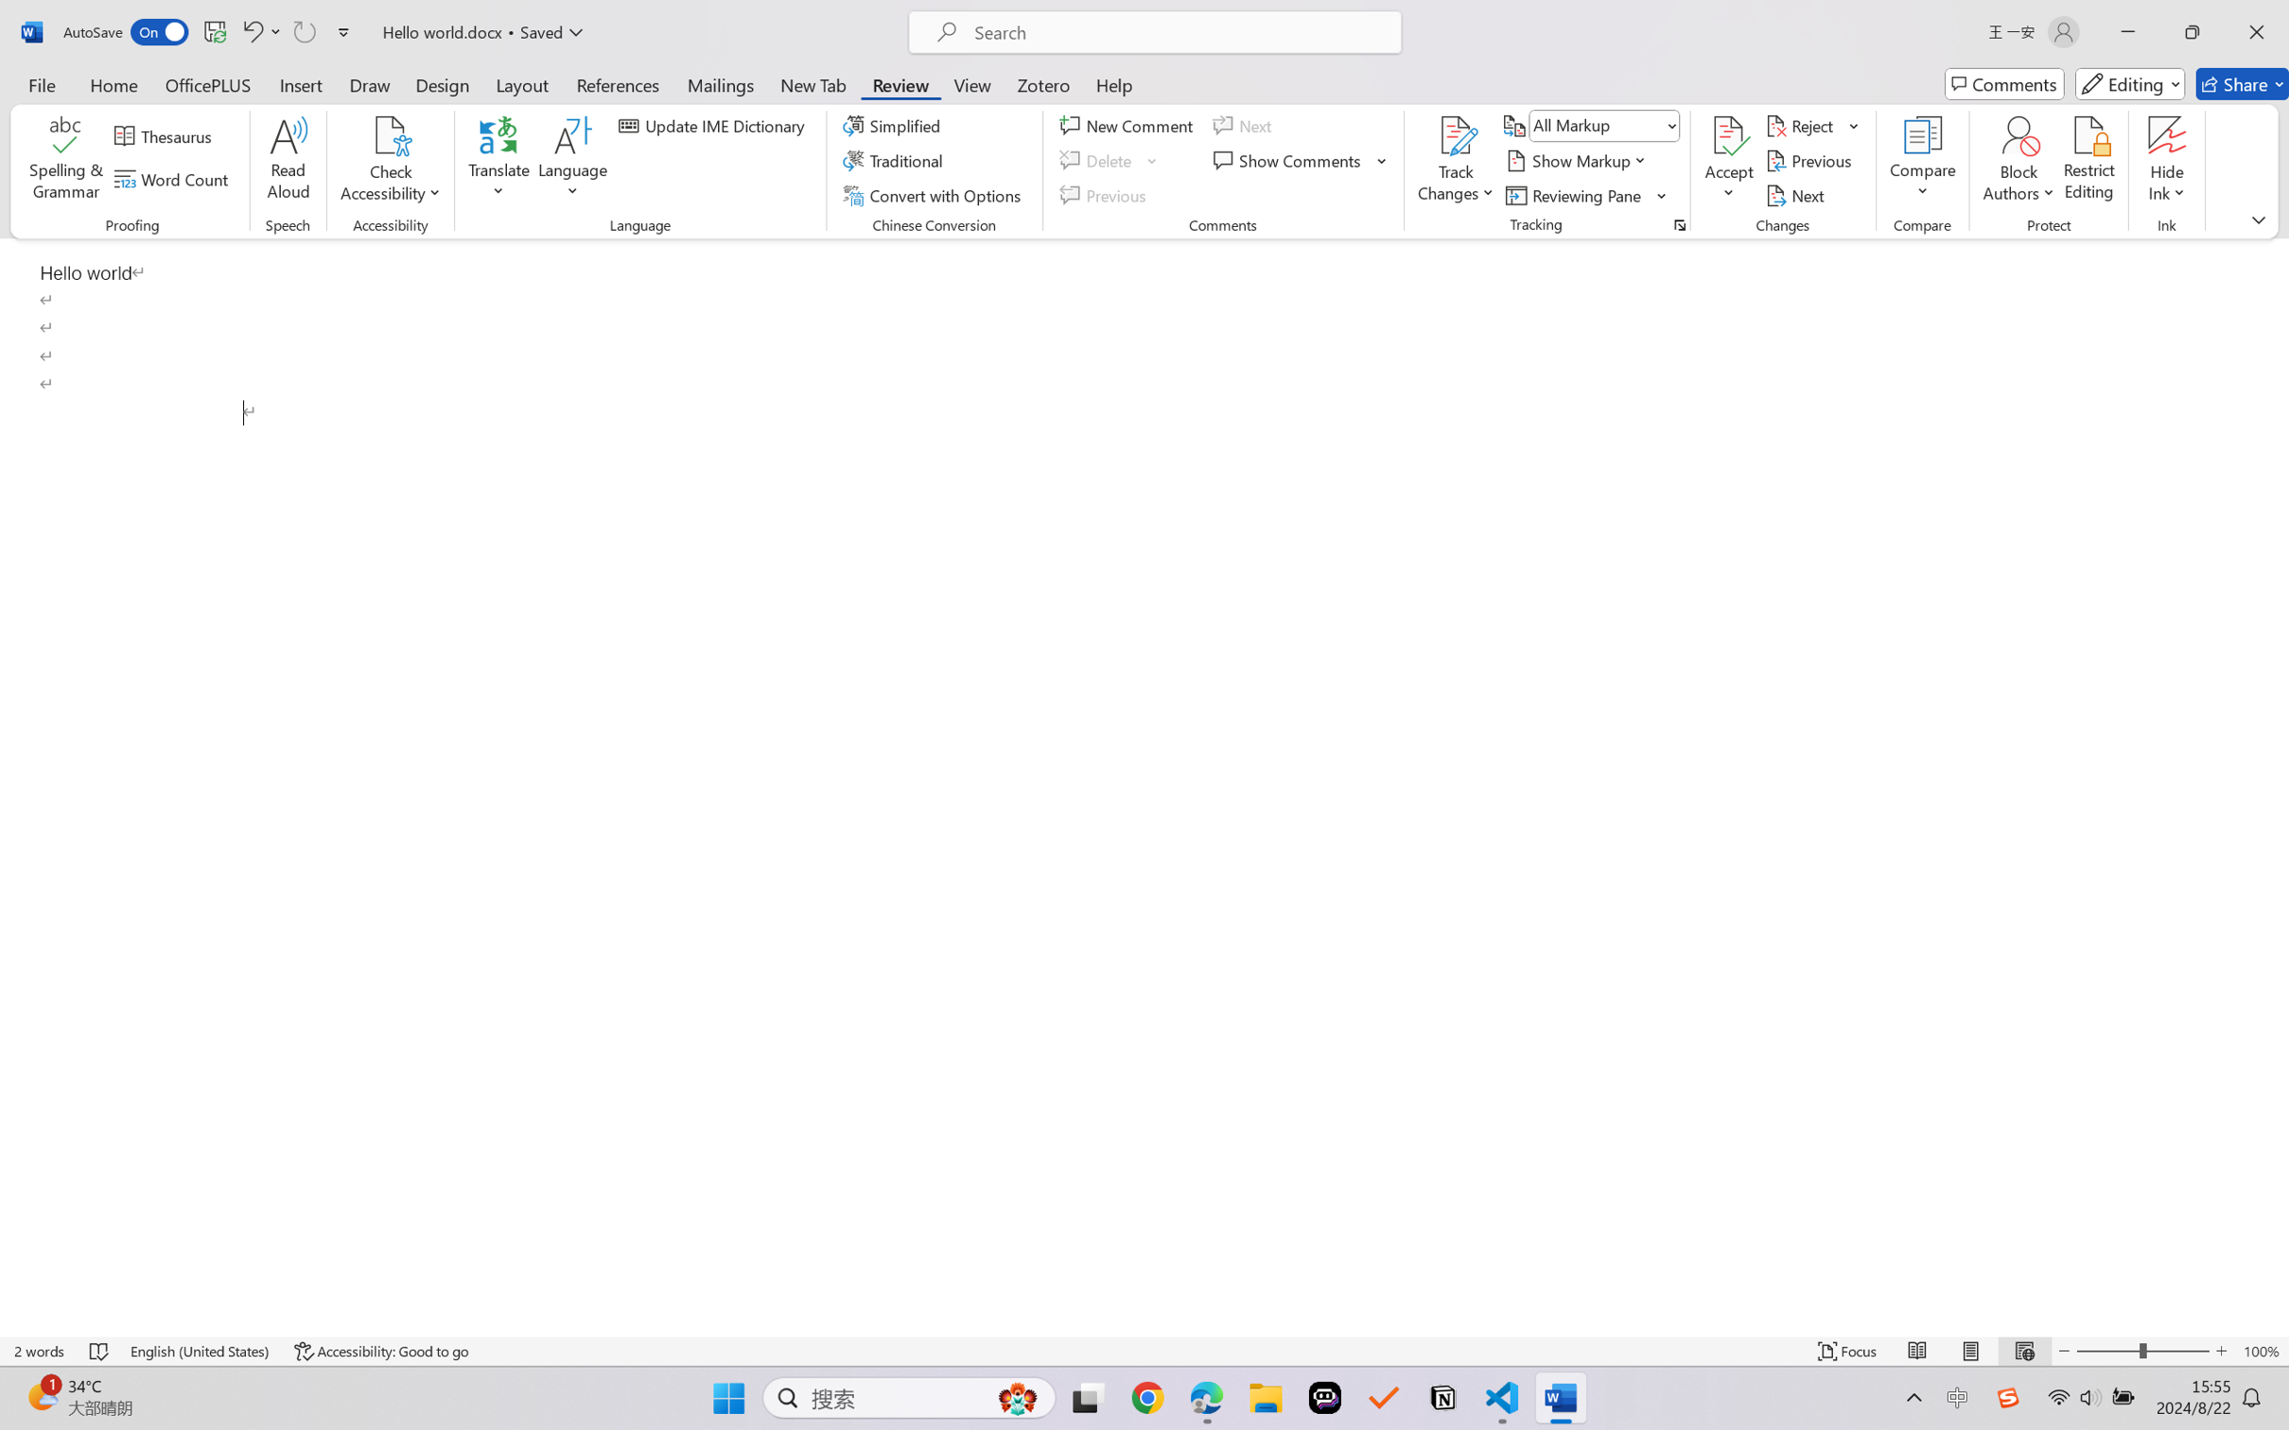  Describe the element at coordinates (1575, 196) in the screenshot. I see `'Reviewing Pane'` at that location.